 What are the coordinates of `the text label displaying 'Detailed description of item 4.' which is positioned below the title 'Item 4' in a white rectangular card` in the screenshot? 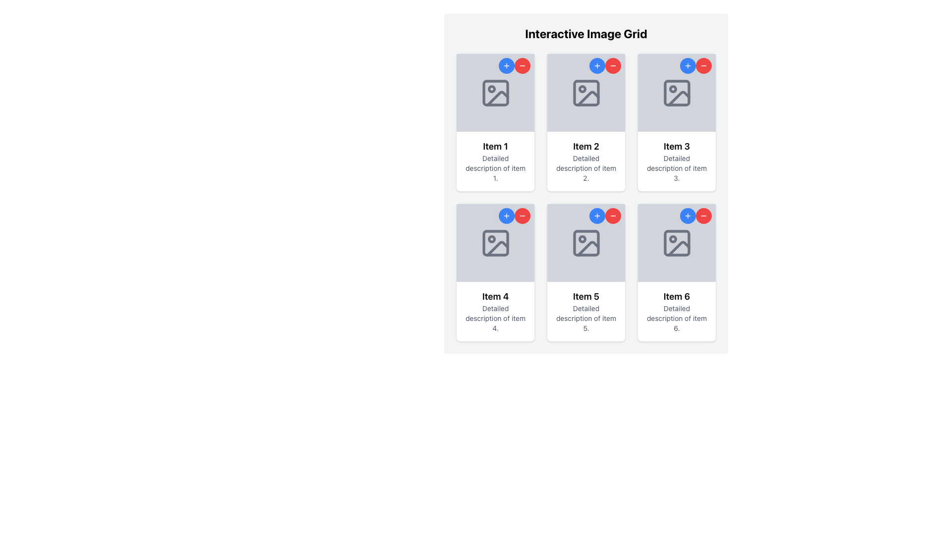 It's located at (495, 319).